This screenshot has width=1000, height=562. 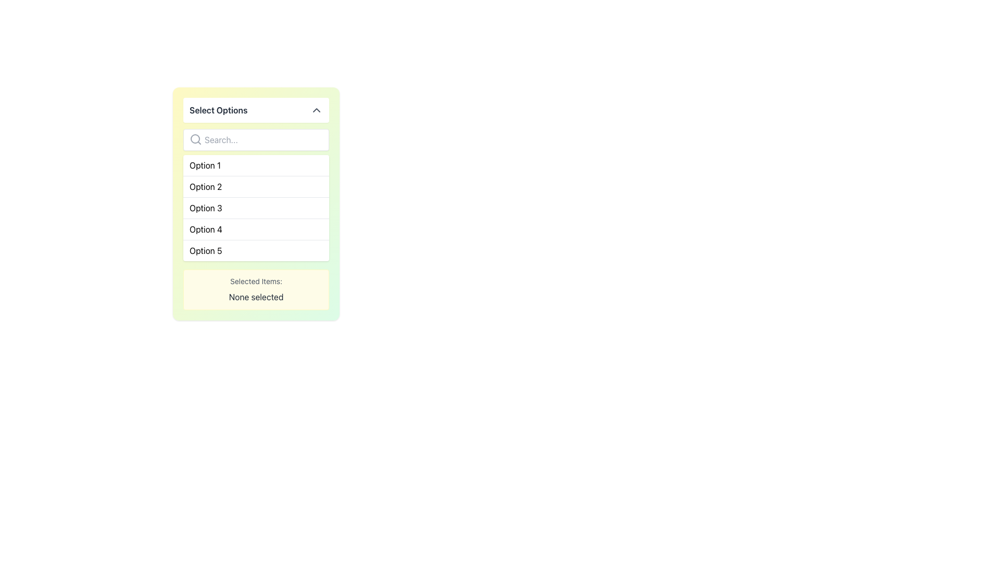 What do you see at coordinates (206, 208) in the screenshot?
I see `the text label displaying 'Option 3'` at bounding box center [206, 208].